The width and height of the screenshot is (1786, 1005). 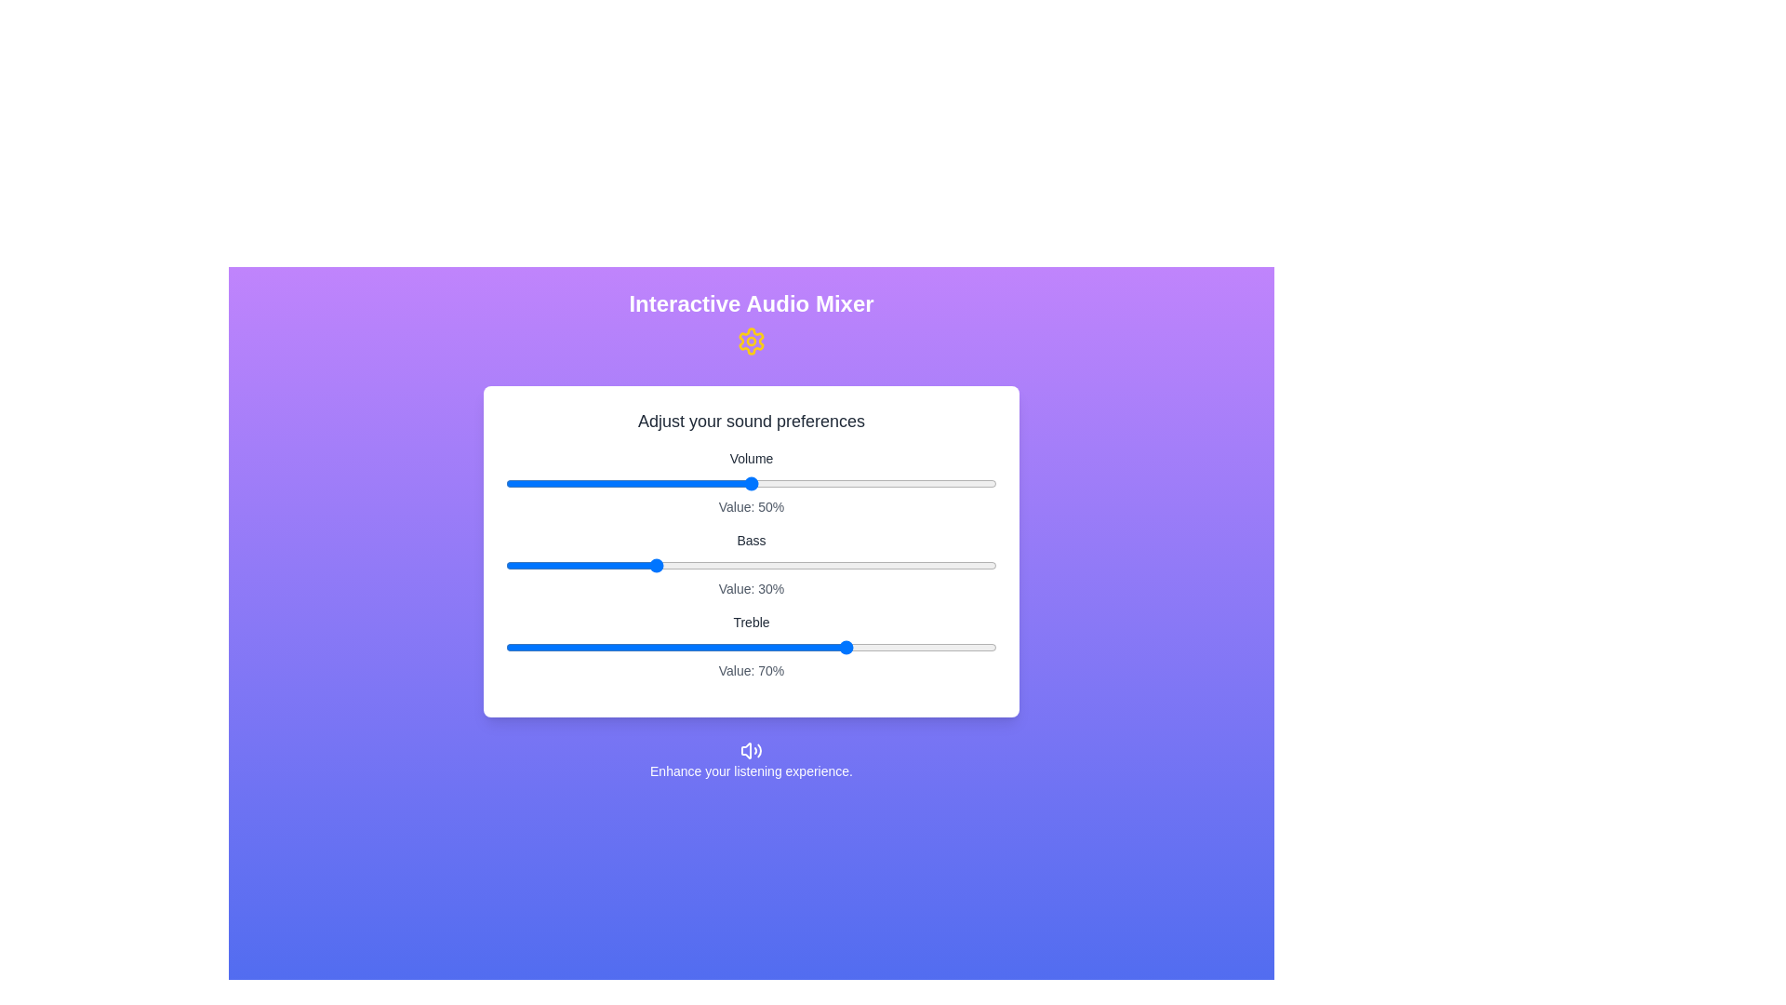 What do you see at coordinates (938, 565) in the screenshot?
I see `the slider for 1 to 88%` at bounding box center [938, 565].